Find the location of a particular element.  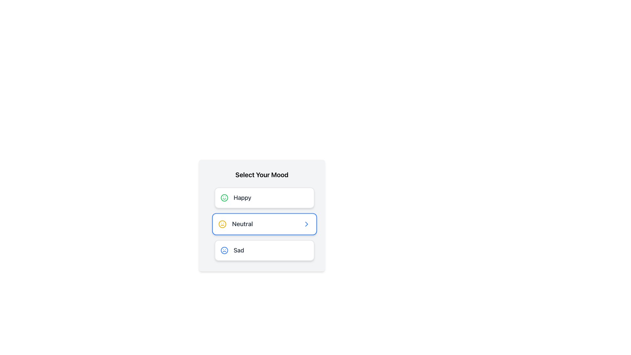

the navigational arrow icon located to the far right of the 'Neutral' option is located at coordinates (306, 224).